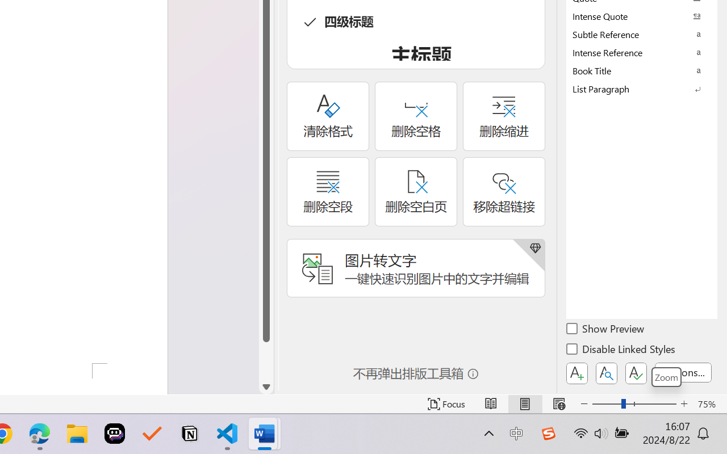  I want to click on 'Options...', so click(683, 372).